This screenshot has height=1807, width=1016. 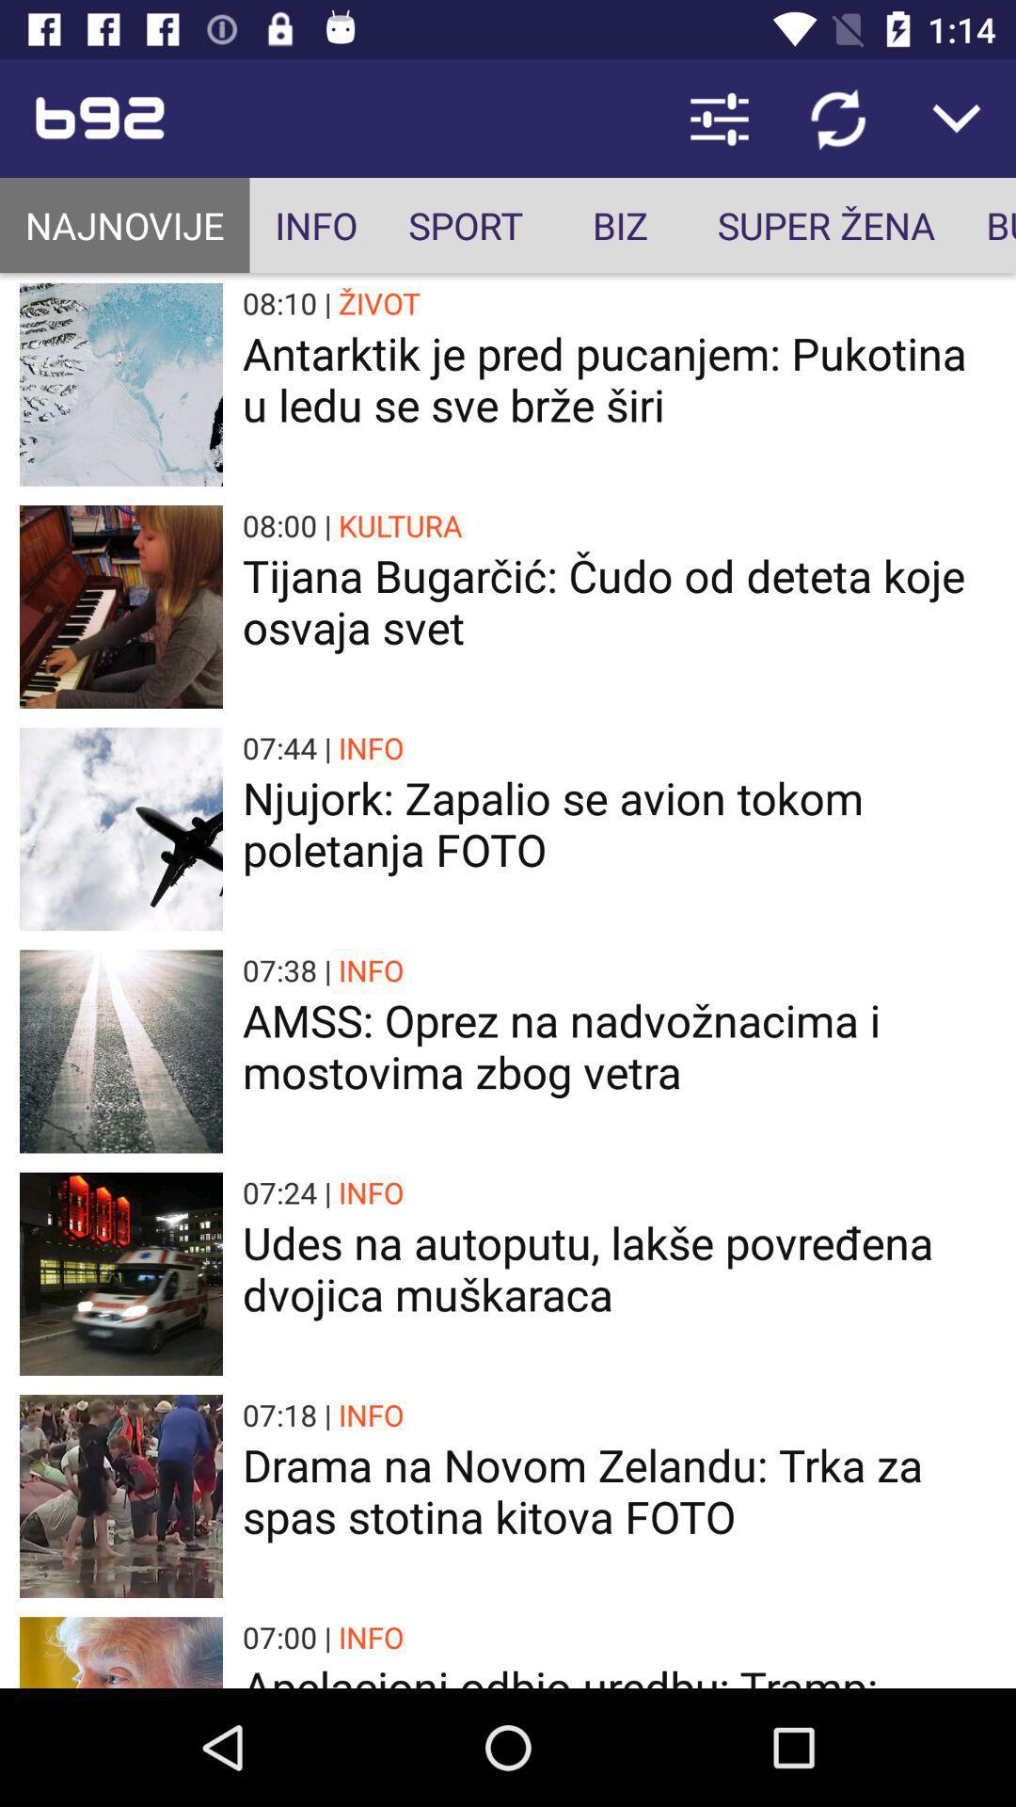 I want to click on the sliders icon, so click(x=719, y=117).